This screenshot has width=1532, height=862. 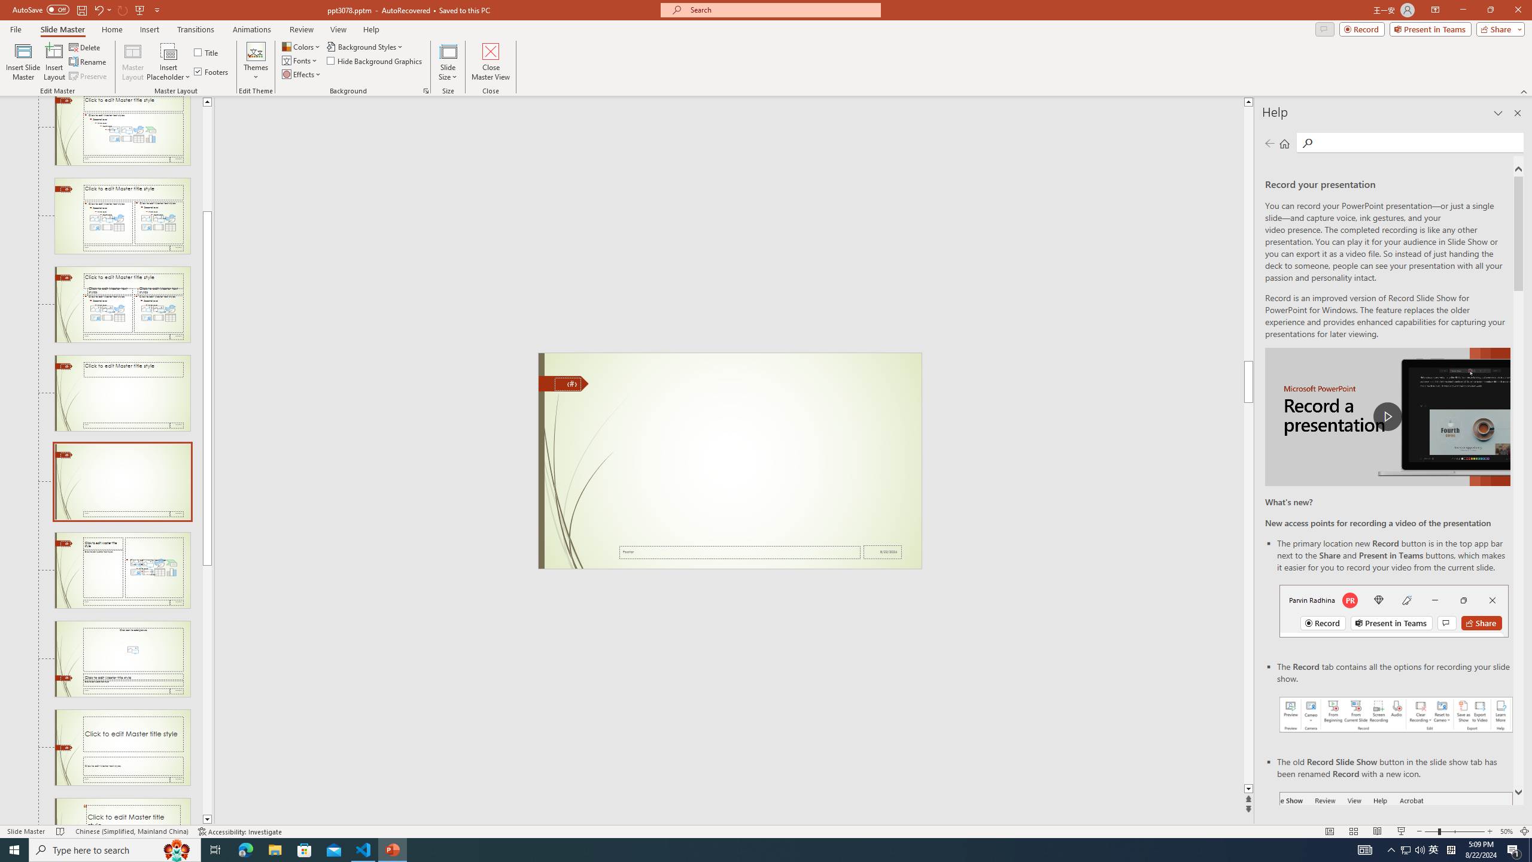 I want to click on 'Content', so click(x=168, y=50).